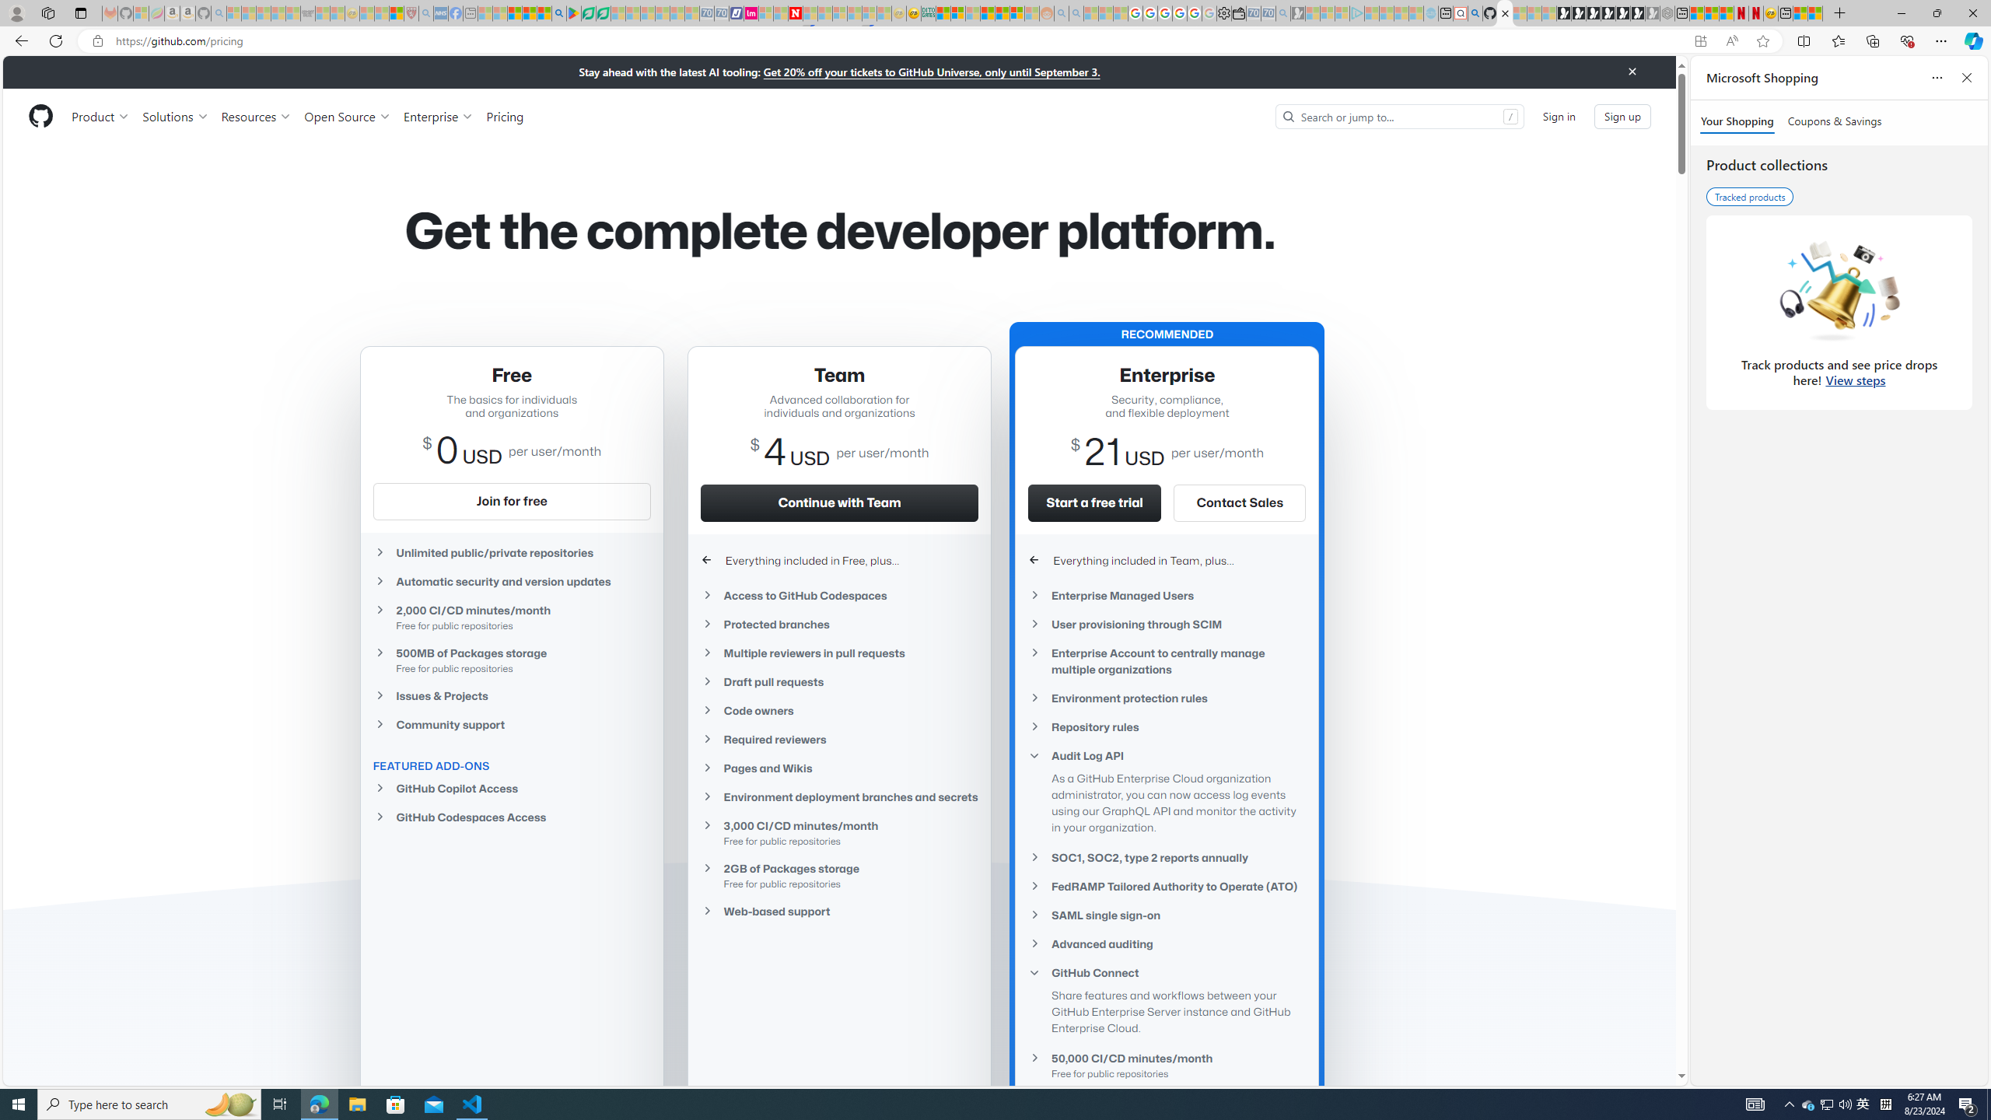 Image resolution: width=1991 pixels, height=1120 pixels. Describe the element at coordinates (840, 911) in the screenshot. I see `'Web-based support'` at that location.